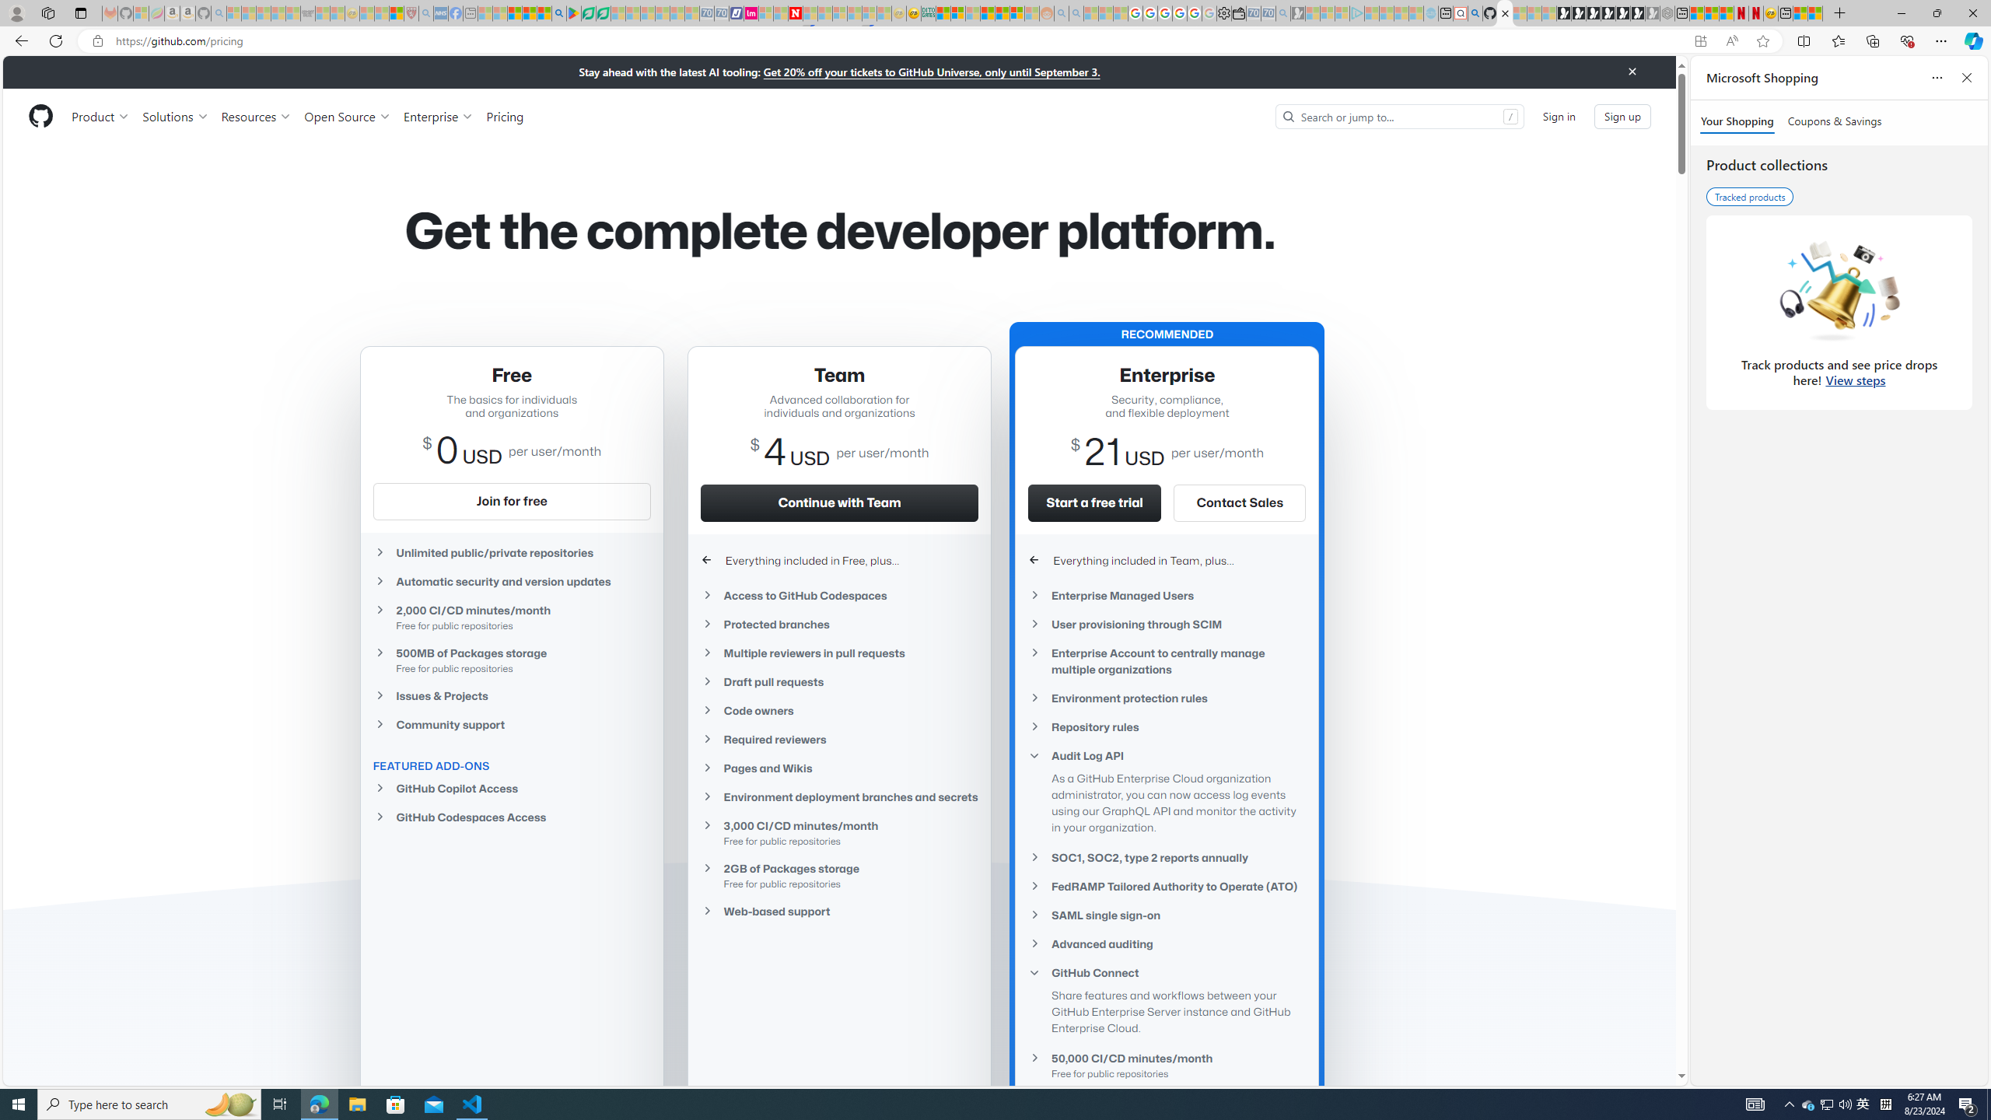 Image resolution: width=1991 pixels, height=1120 pixels. Describe the element at coordinates (840, 911) in the screenshot. I see `'Web-based support'` at that location.